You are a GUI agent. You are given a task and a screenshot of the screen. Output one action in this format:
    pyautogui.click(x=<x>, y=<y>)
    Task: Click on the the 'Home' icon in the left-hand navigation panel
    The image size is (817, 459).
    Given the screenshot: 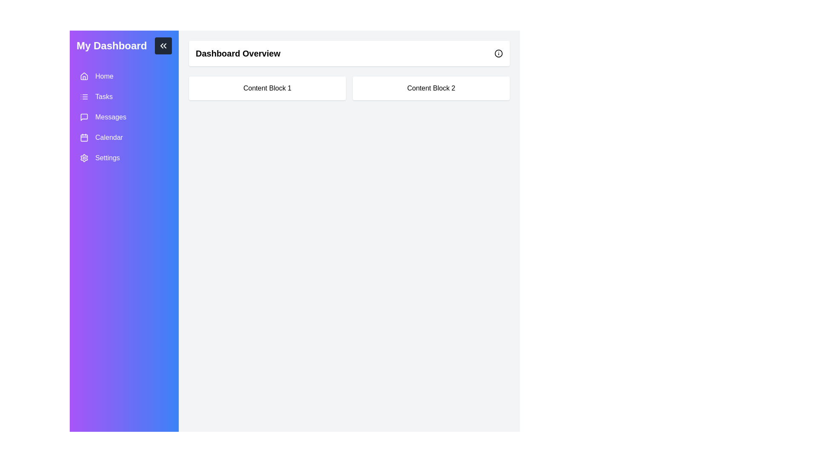 What is the action you would take?
    pyautogui.click(x=84, y=75)
    